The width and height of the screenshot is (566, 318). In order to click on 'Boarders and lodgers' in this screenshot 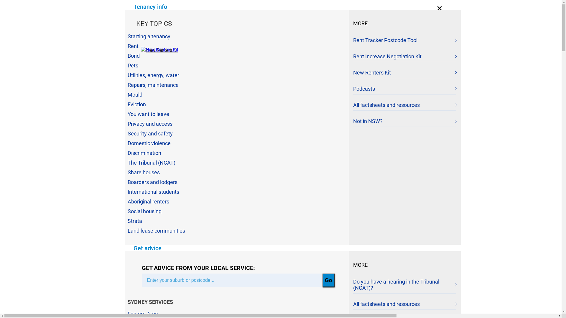, I will do `click(152, 182)`.